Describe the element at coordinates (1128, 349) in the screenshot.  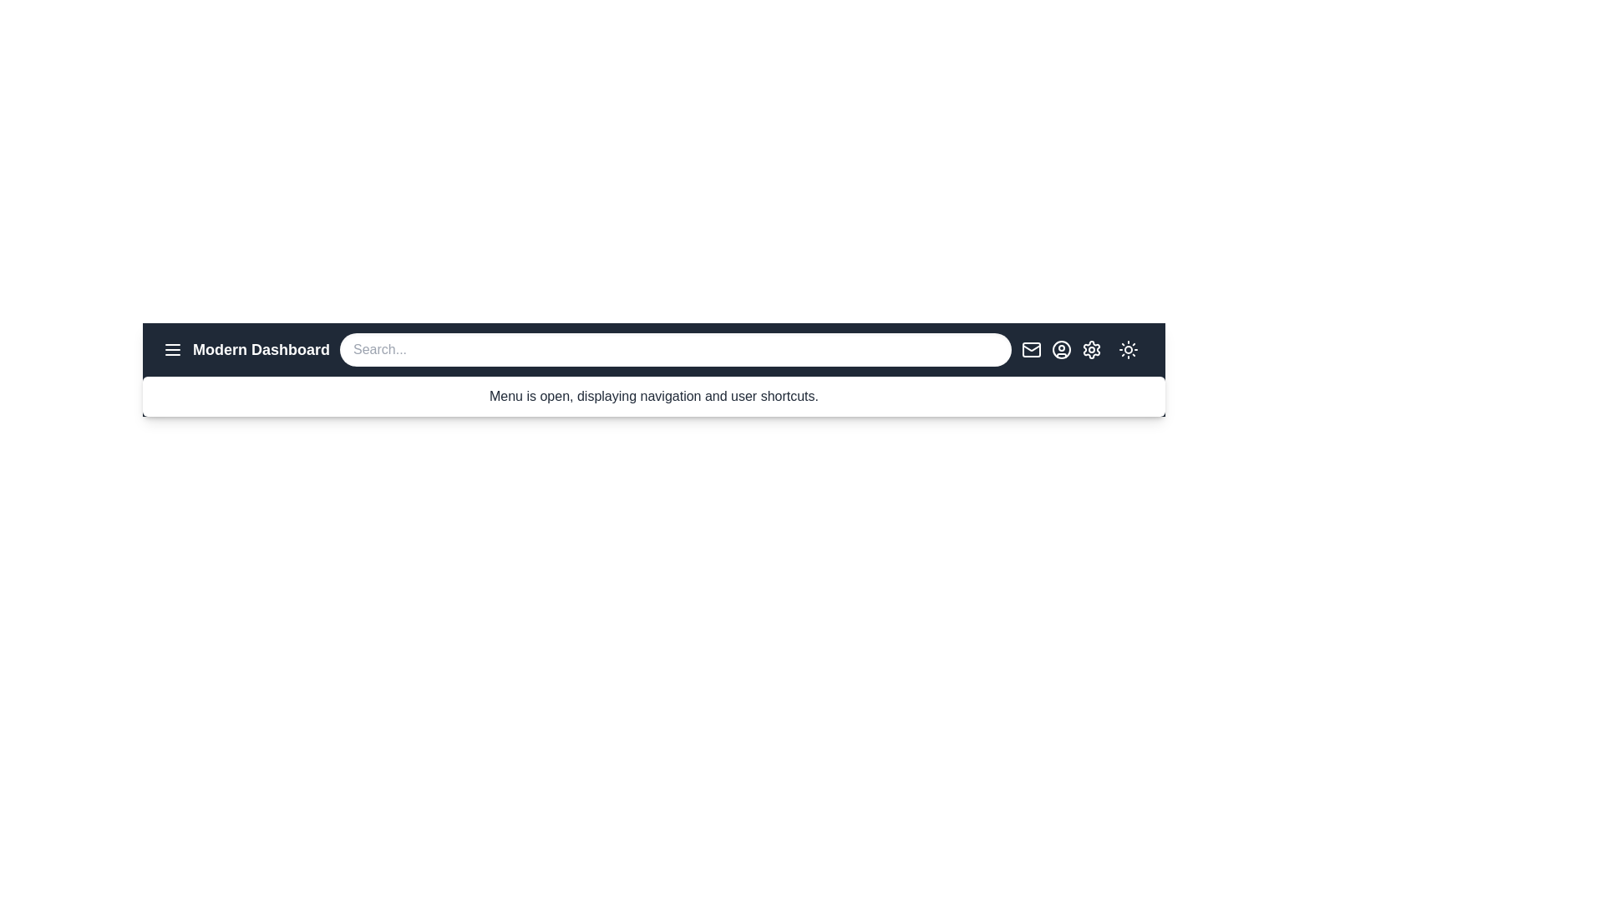
I see `the sun/moon icon to toggle the dark mode` at that location.